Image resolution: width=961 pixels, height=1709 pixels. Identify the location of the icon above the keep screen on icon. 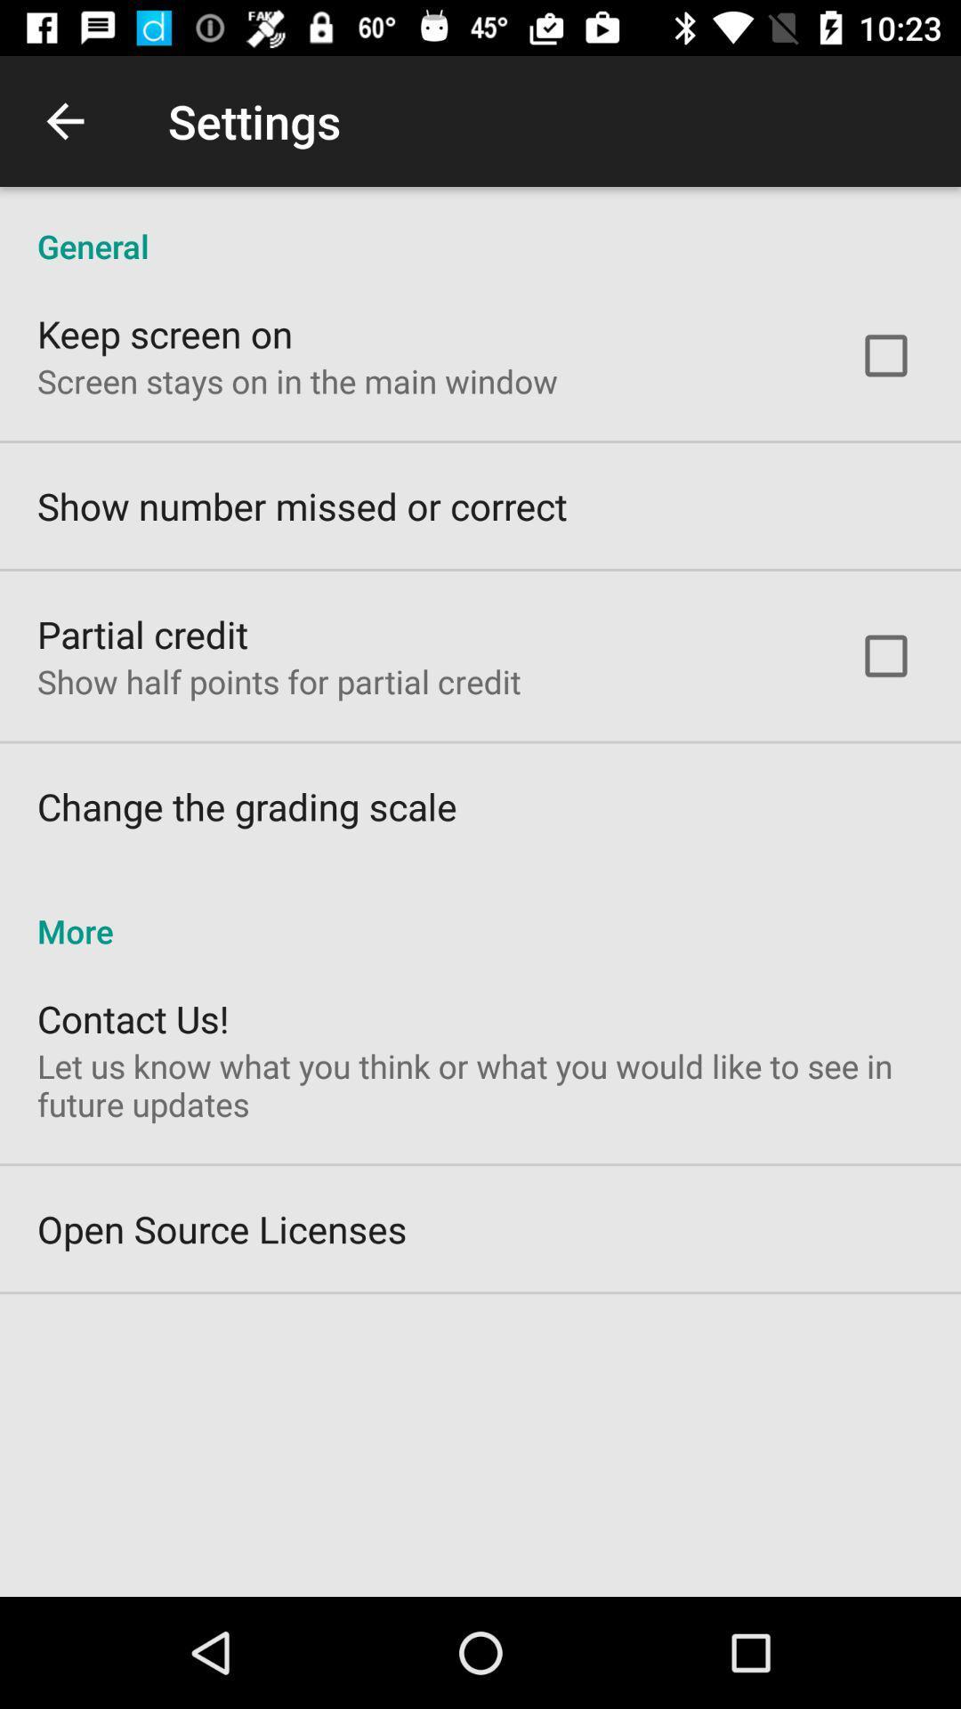
(480, 226).